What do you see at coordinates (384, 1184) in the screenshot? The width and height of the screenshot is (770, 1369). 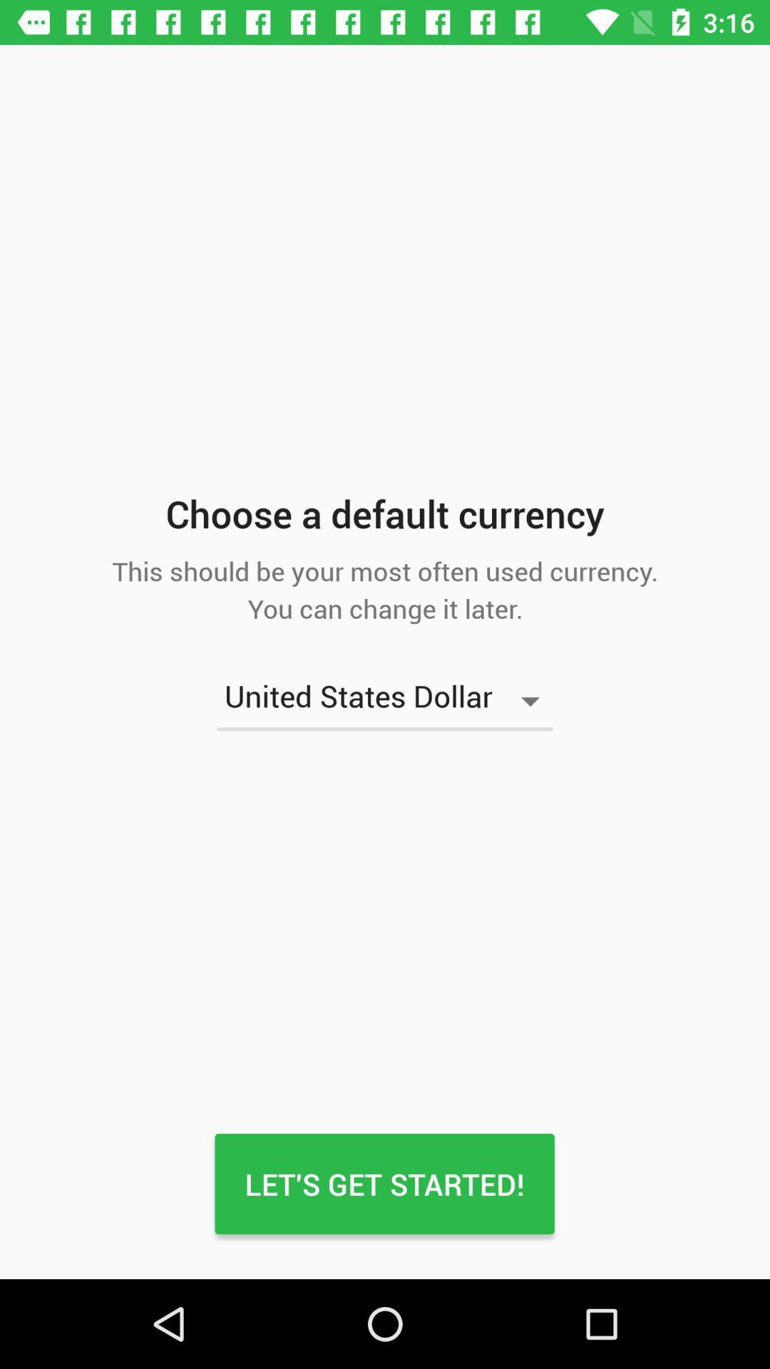 I see `the let s get` at bounding box center [384, 1184].